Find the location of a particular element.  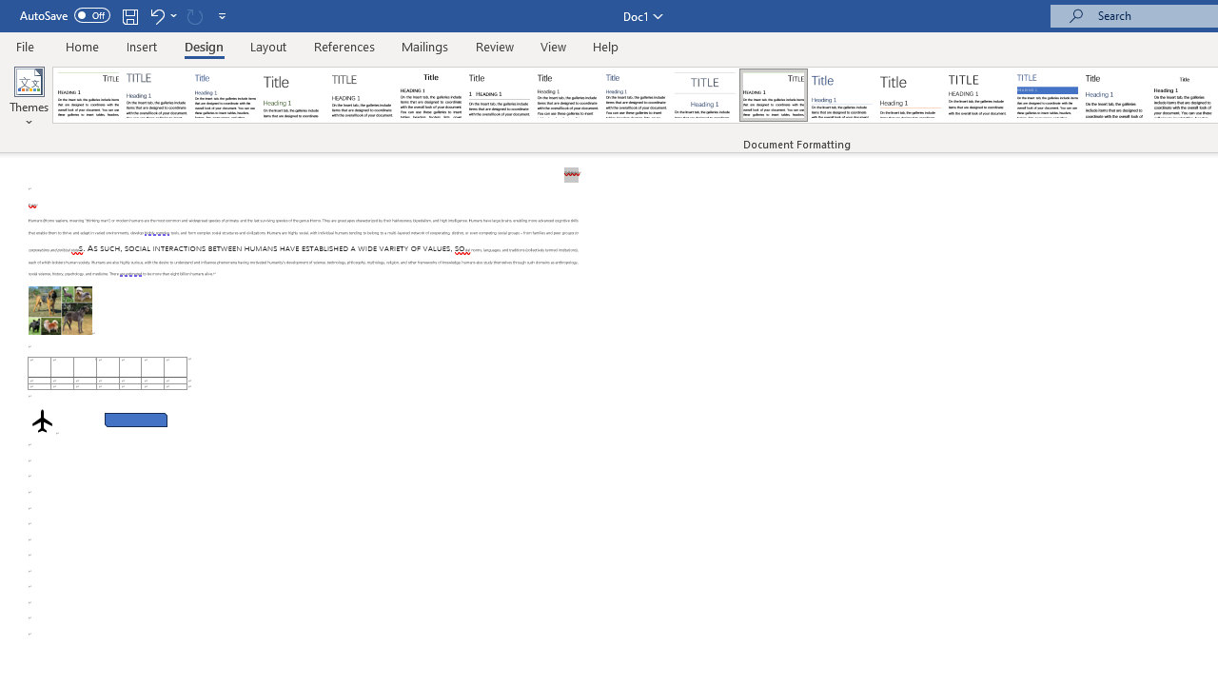

'Airplane with solid fill' is located at coordinates (42, 420).